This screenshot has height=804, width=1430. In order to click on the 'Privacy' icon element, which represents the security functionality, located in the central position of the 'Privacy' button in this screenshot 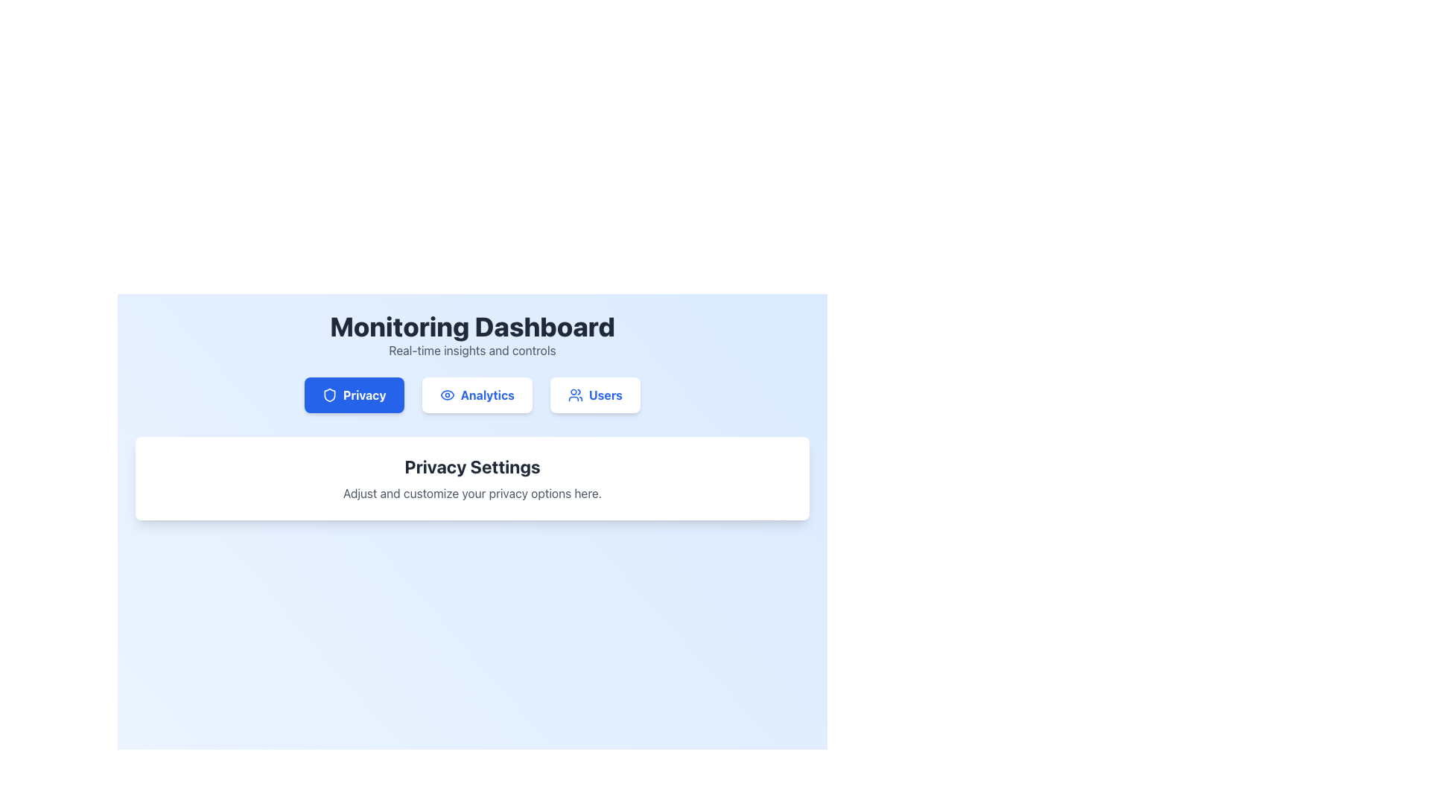, I will do `click(328, 395)`.